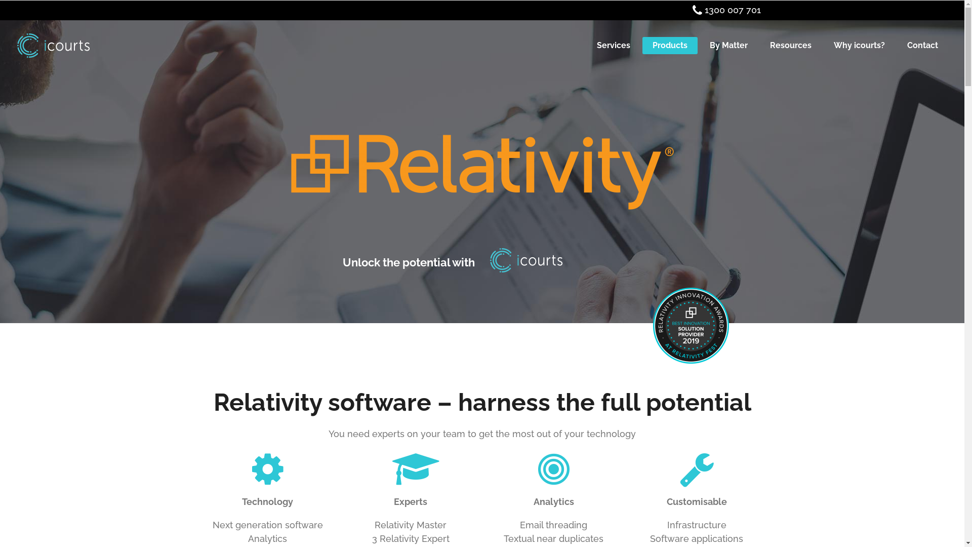  I want to click on '1300 007 701', so click(704, 10).